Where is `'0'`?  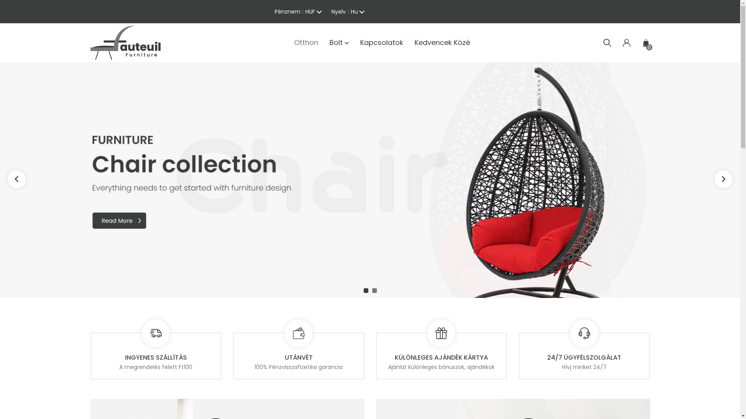
'0' is located at coordinates (641, 43).